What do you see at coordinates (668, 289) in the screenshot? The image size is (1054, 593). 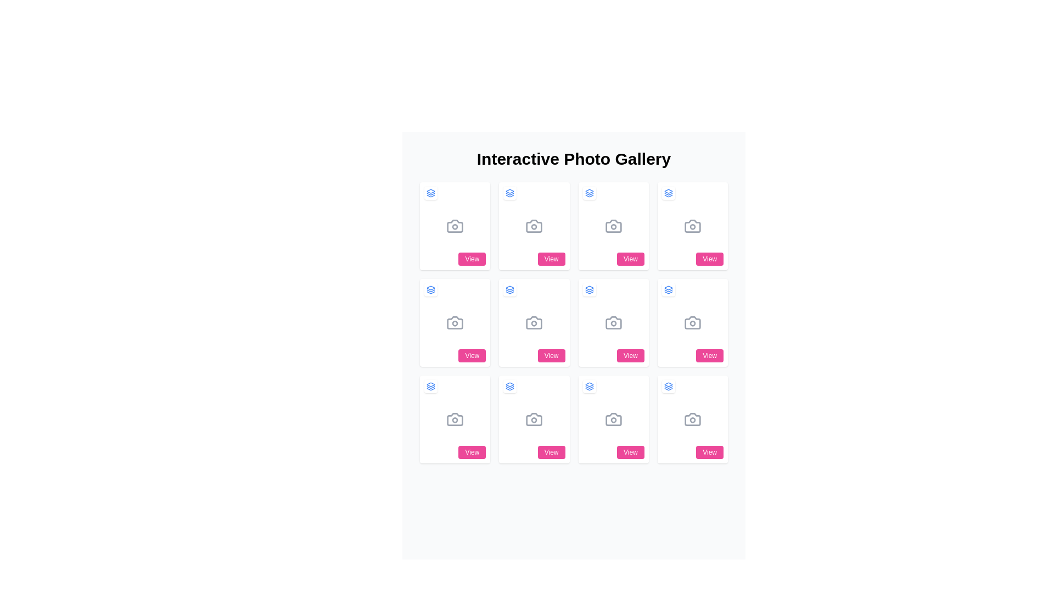 I see `the icon representing layers or stacking functionality located at the top-left corner of the 'View' box in the sixth card of the photo gallery grid, specifically in the second row and third column` at bounding box center [668, 289].